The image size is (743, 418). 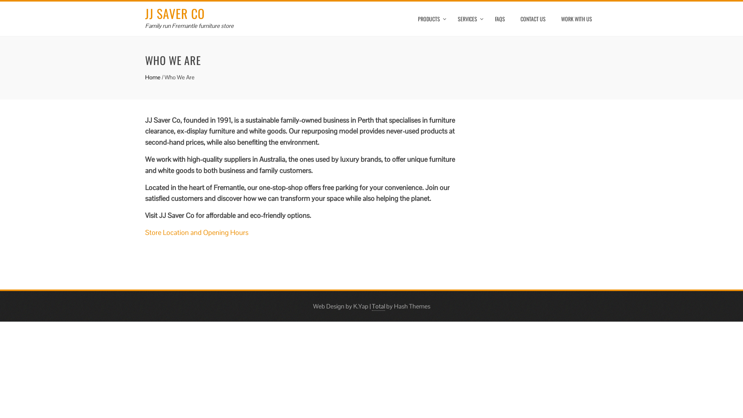 I want to click on 'FAQS', so click(x=500, y=19).